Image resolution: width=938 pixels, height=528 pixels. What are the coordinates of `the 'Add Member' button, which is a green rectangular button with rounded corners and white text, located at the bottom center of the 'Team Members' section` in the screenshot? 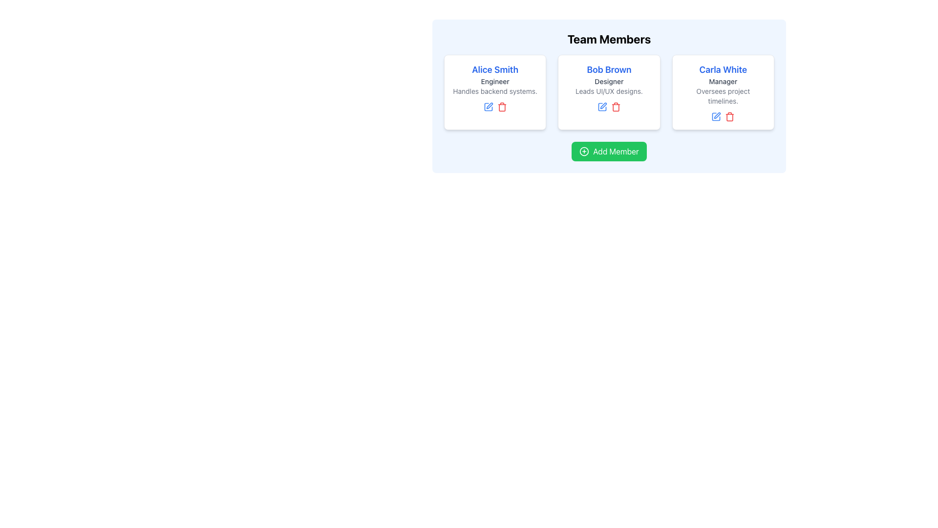 It's located at (609, 151).